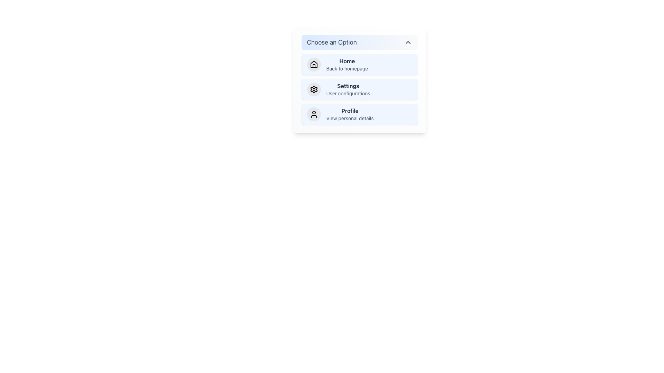 The height and width of the screenshot is (373, 664). Describe the element at coordinates (348, 93) in the screenshot. I see `the text element that reads 'User configurations', which is located beneath the 'Settings' option in the 'Choose an Option' card` at that location.